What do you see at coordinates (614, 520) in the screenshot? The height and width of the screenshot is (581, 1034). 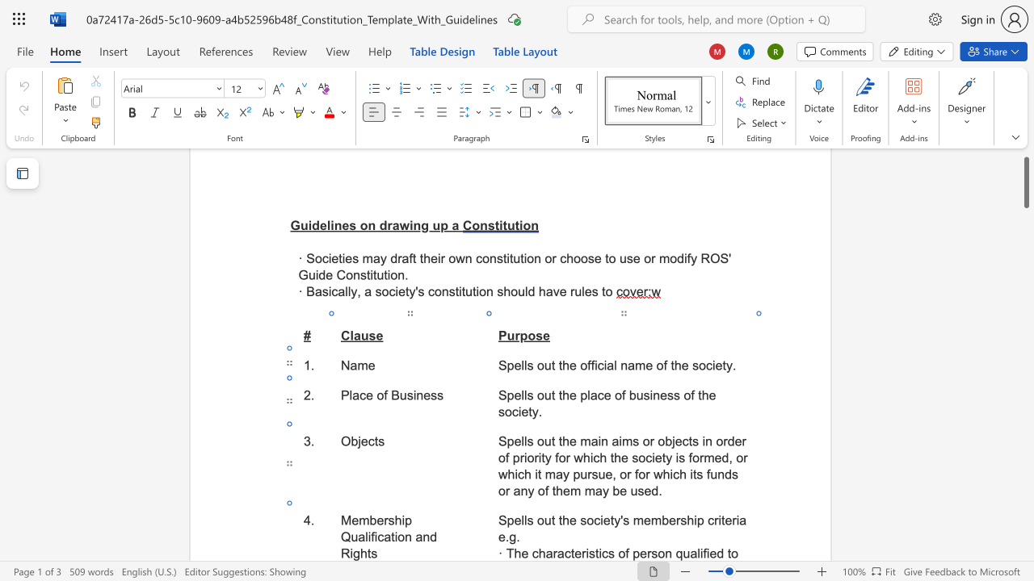 I see `the space between the continuous character "t" and "y" in the text` at bounding box center [614, 520].